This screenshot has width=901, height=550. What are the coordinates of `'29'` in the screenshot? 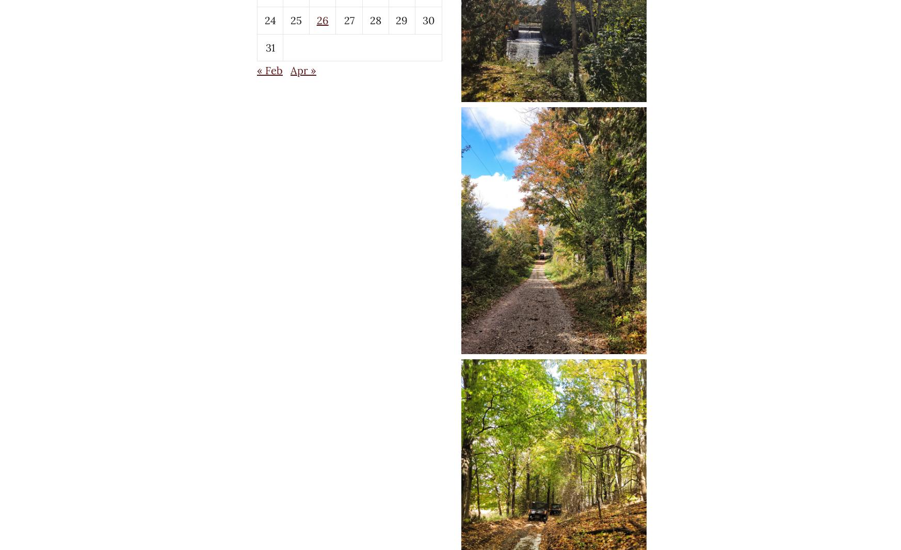 It's located at (401, 20).